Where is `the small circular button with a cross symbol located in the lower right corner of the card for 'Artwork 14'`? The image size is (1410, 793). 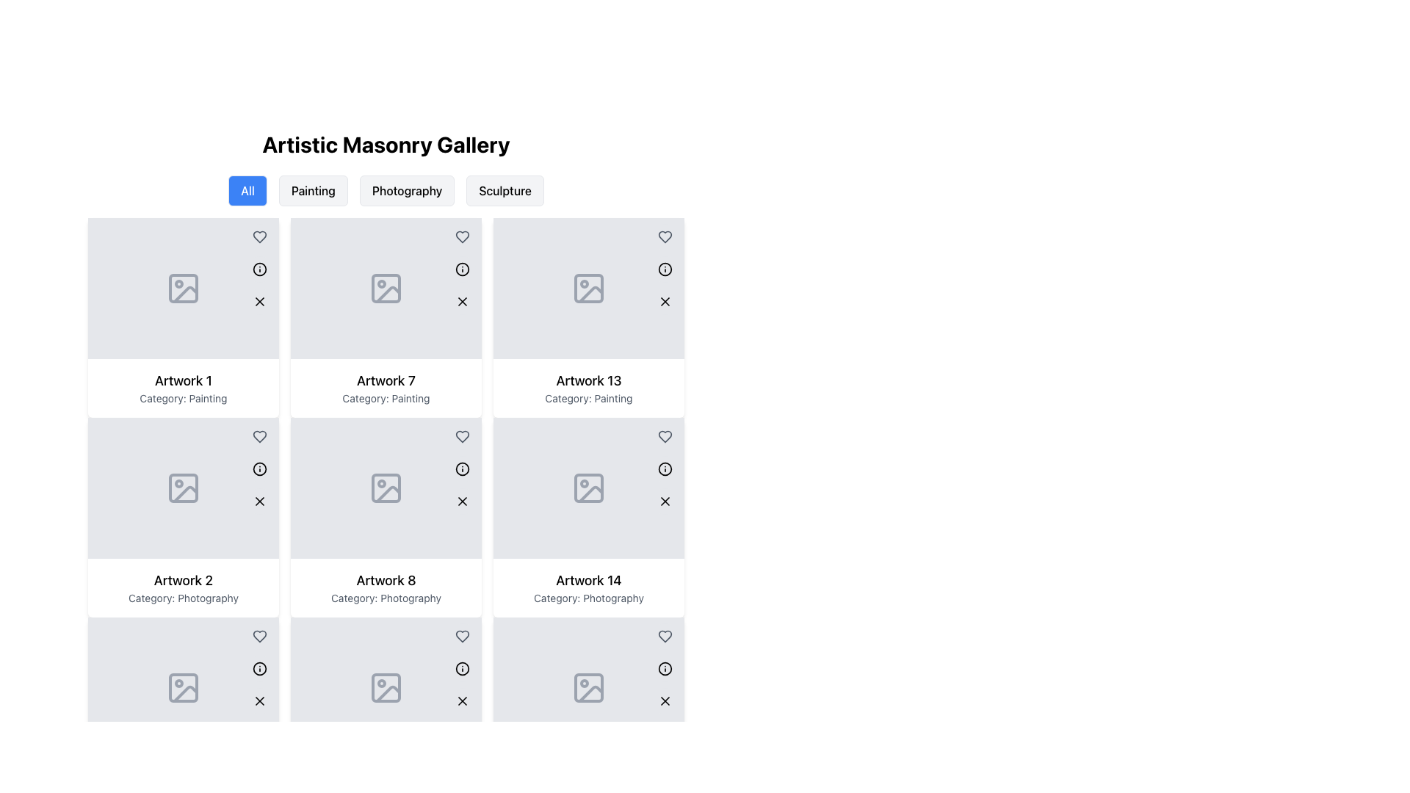
the small circular button with a cross symbol located in the lower right corner of the card for 'Artwork 14' is located at coordinates (665, 500).